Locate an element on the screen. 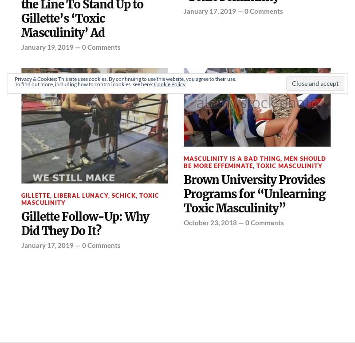 The width and height of the screenshot is (355, 343). 'January 19, 2019' is located at coordinates (47, 46).